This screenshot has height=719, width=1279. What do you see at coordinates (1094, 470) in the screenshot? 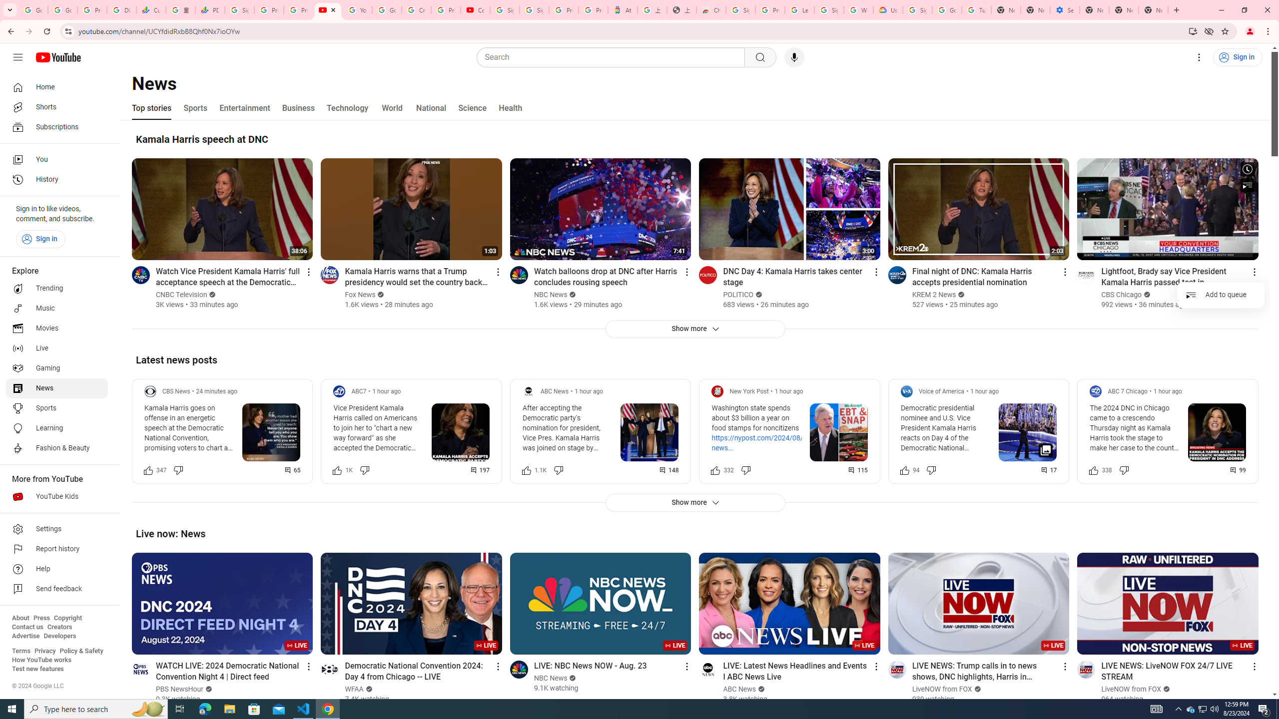
I see `'Like this post along with 338 other people'` at bounding box center [1094, 470].